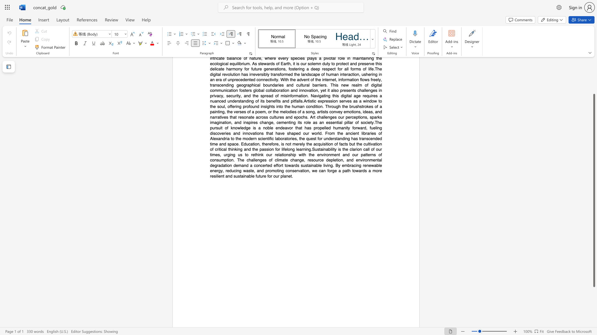 The width and height of the screenshot is (597, 335). What do you see at coordinates (594, 190) in the screenshot?
I see `the scrollbar and move down 140 pixels` at bounding box center [594, 190].